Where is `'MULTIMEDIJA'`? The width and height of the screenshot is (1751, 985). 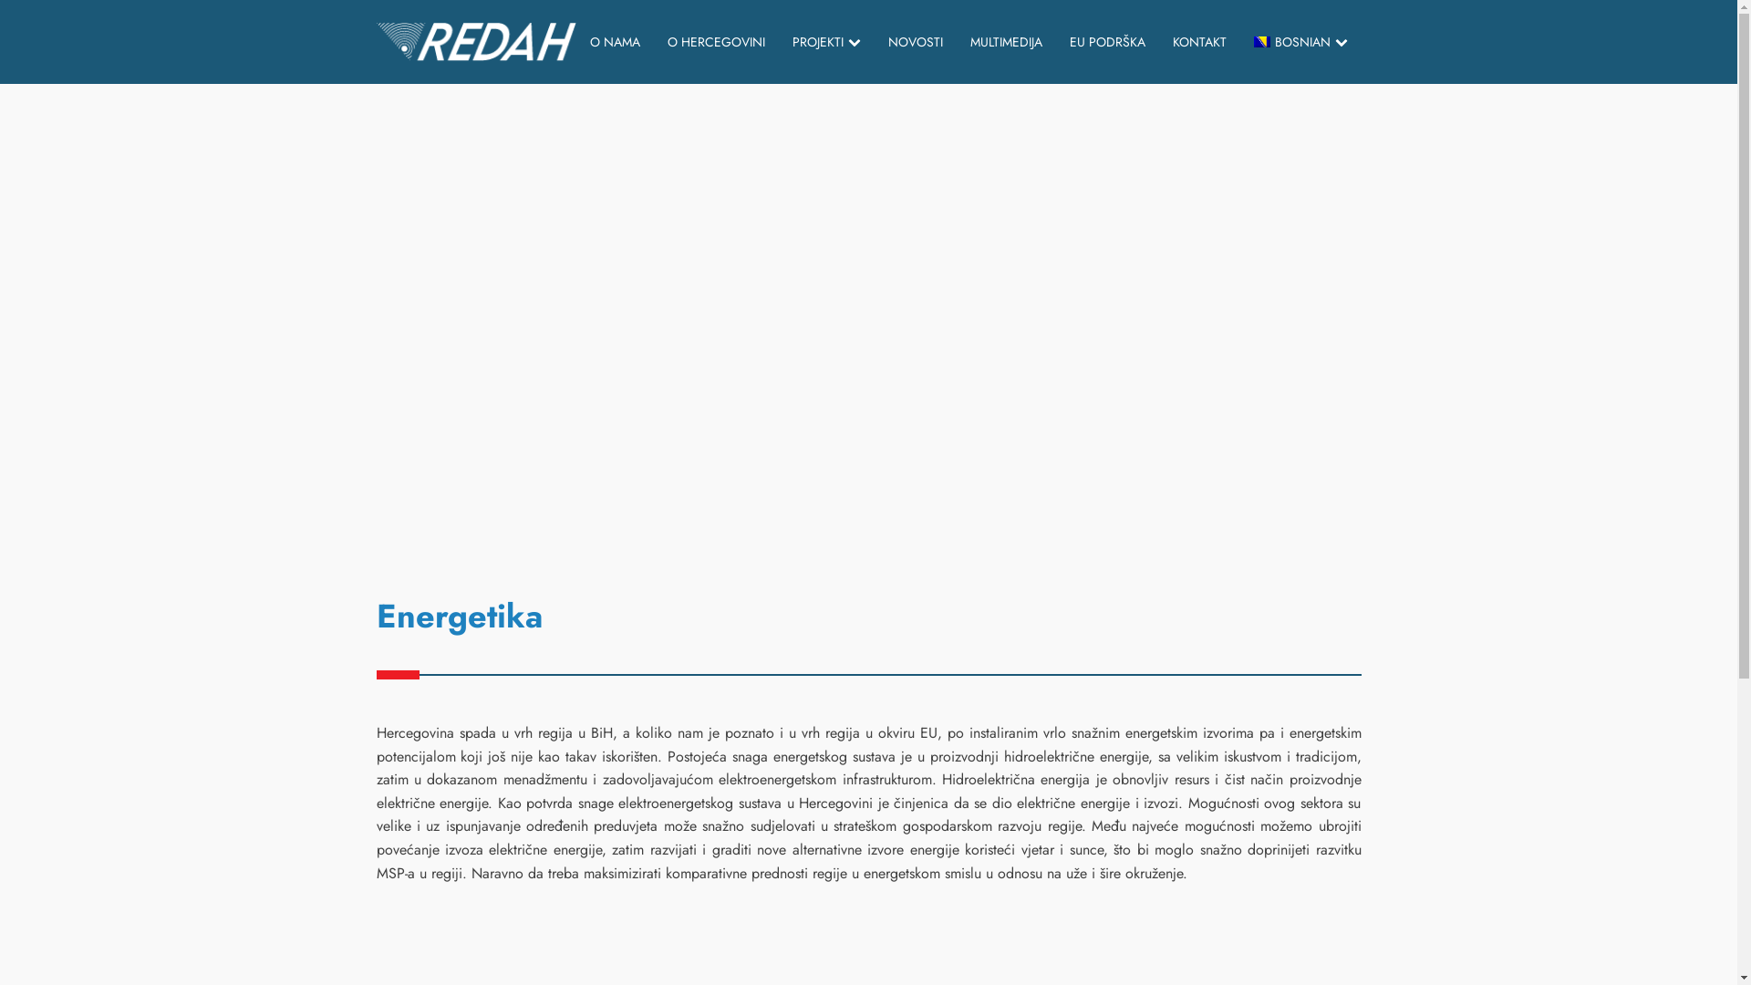
'MULTIMEDIJA' is located at coordinates (1005, 41).